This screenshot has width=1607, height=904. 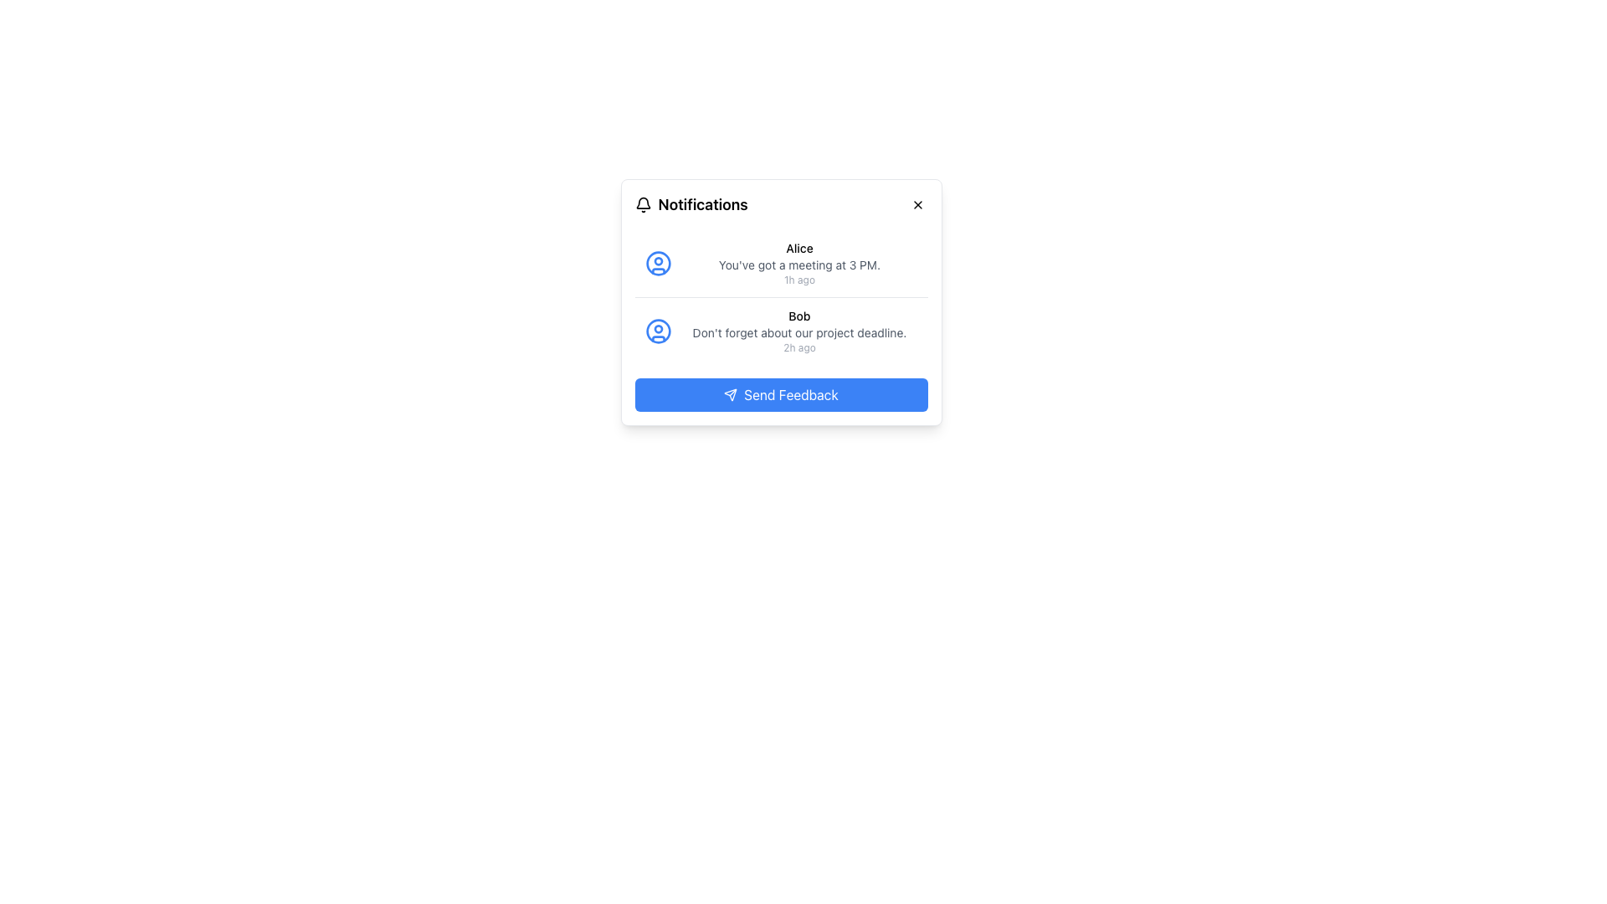 What do you see at coordinates (642, 202) in the screenshot?
I see `the main body of the notification bell icon located at the top-left of the Notifications pop-up panel, which signifies new alerts or messages` at bounding box center [642, 202].